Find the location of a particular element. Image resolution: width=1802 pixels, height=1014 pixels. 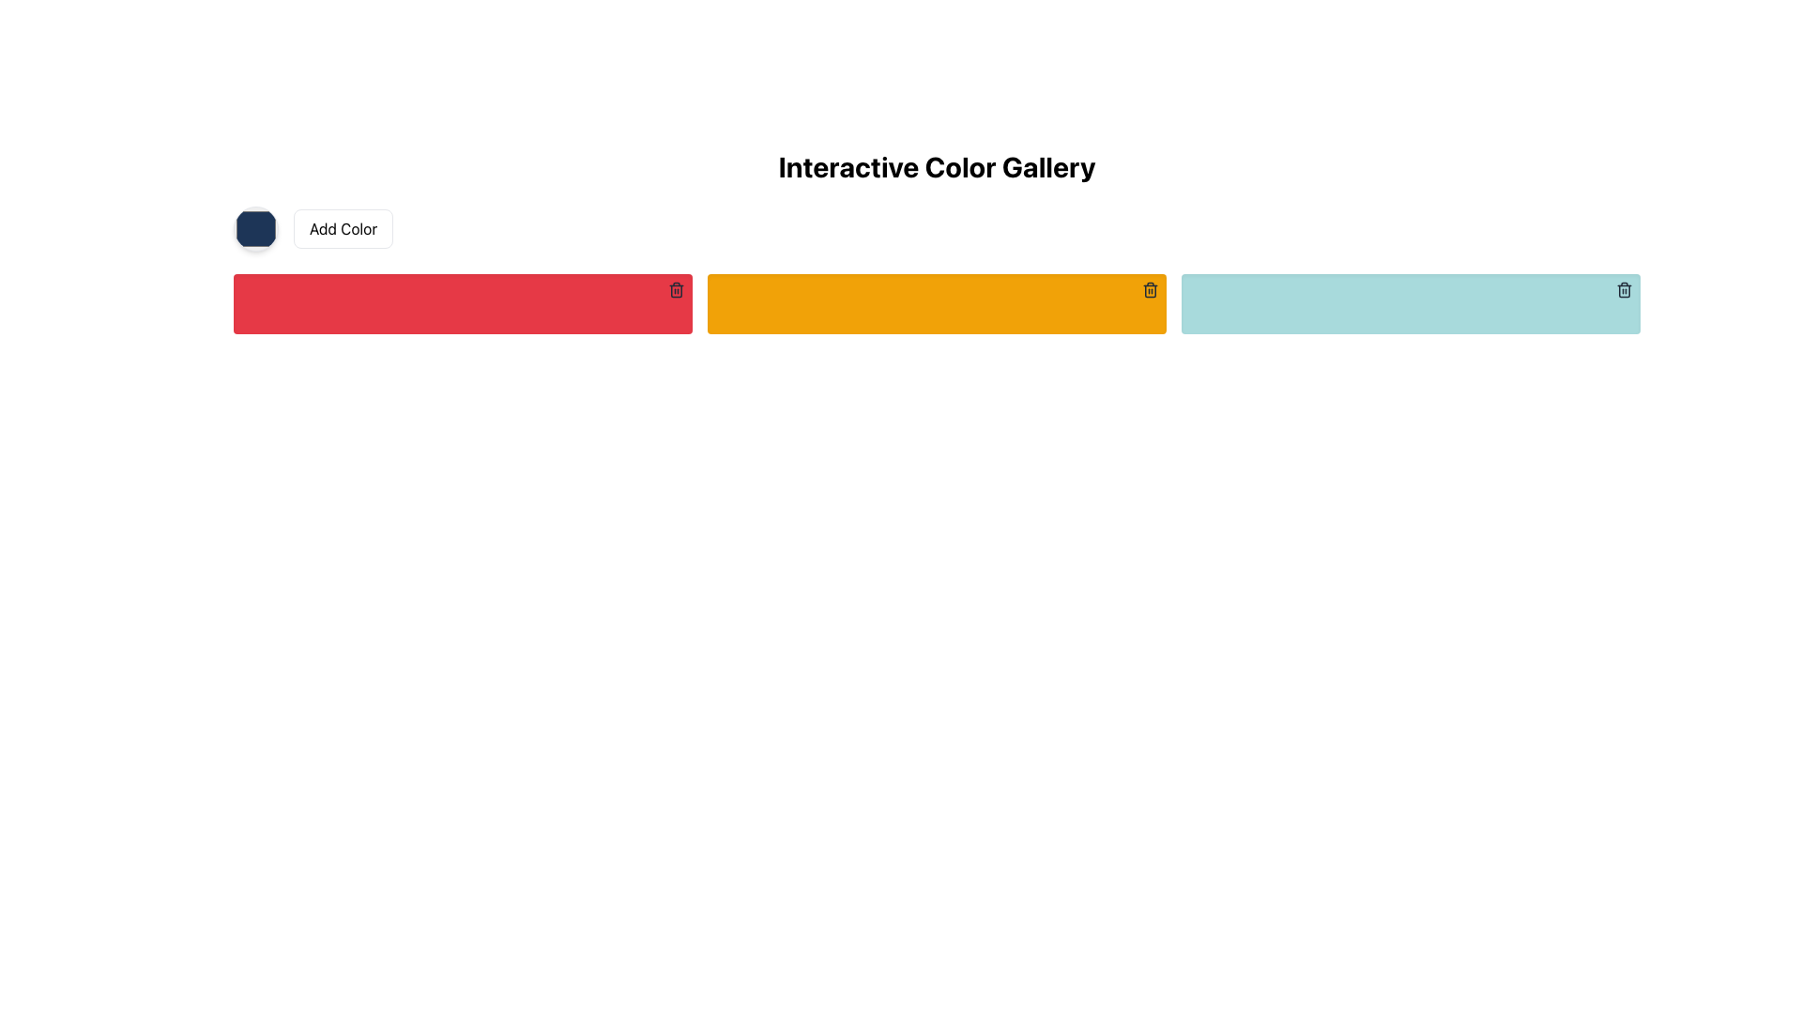

the trash can icon located at the top-right corner of the light blue horizontal bar is located at coordinates (1624, 289).